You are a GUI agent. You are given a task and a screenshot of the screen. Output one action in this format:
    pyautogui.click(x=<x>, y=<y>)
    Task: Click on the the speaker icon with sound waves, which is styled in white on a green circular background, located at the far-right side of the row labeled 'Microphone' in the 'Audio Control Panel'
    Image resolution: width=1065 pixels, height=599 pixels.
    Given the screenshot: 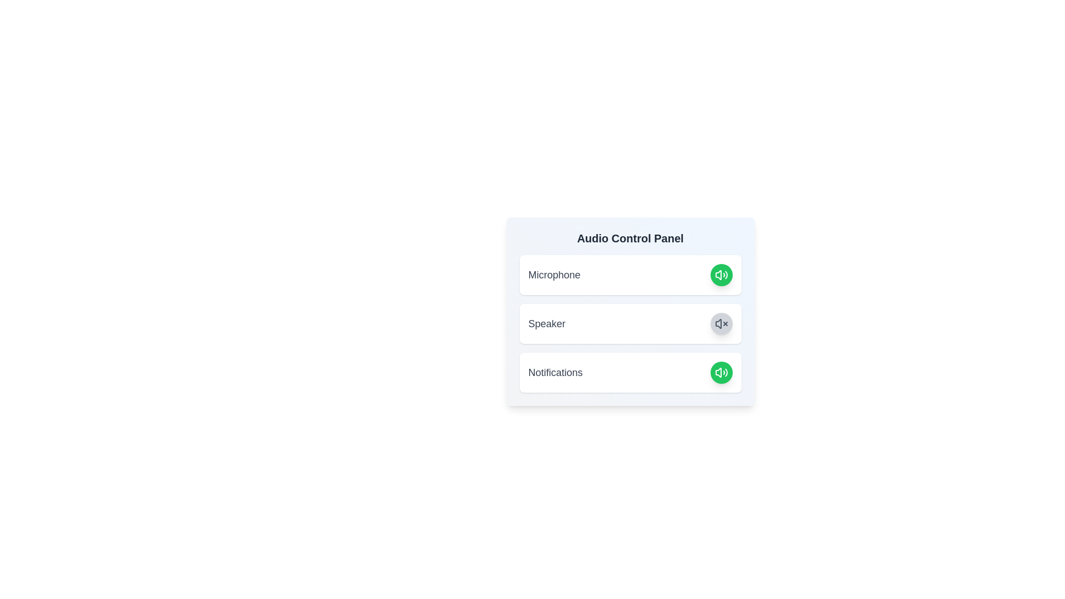 What is the action you would take?
    pyautogui.click(x=721, y=372)
    